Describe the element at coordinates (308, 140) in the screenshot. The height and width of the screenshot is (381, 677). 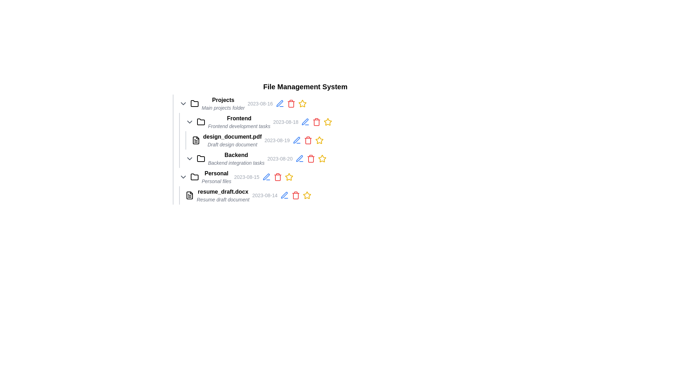
I see `the delete button located at the rightmost end of the row for 'design_document.pdf'` at that location.